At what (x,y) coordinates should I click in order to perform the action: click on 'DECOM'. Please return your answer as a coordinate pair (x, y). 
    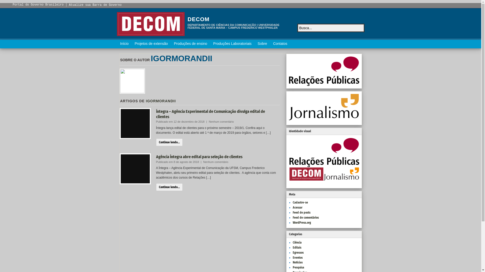
    Looking at the image, I should click on (187, 19).